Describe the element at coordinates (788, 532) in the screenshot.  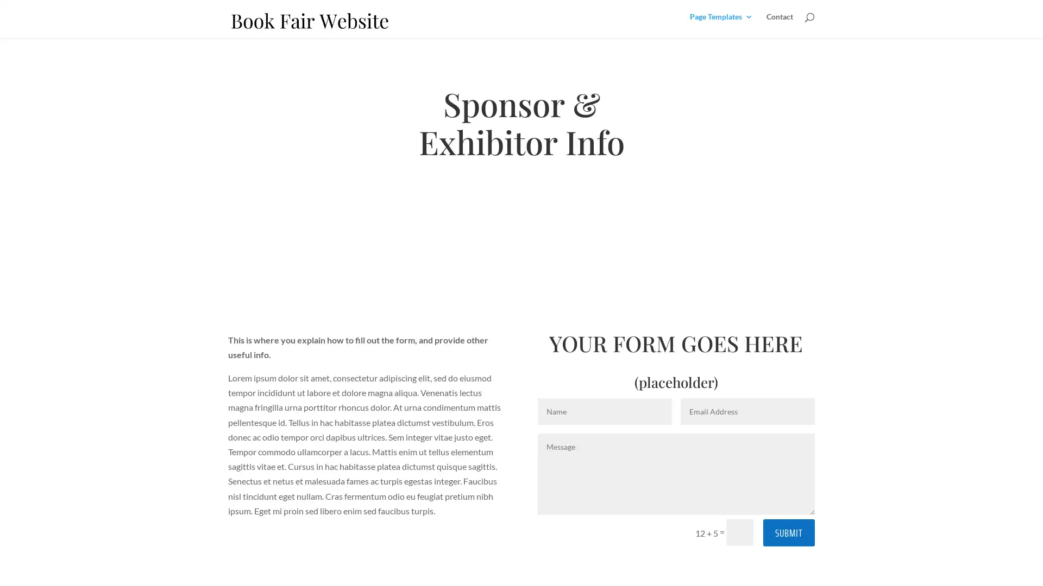
I see `SUBMIT 5` at that location.